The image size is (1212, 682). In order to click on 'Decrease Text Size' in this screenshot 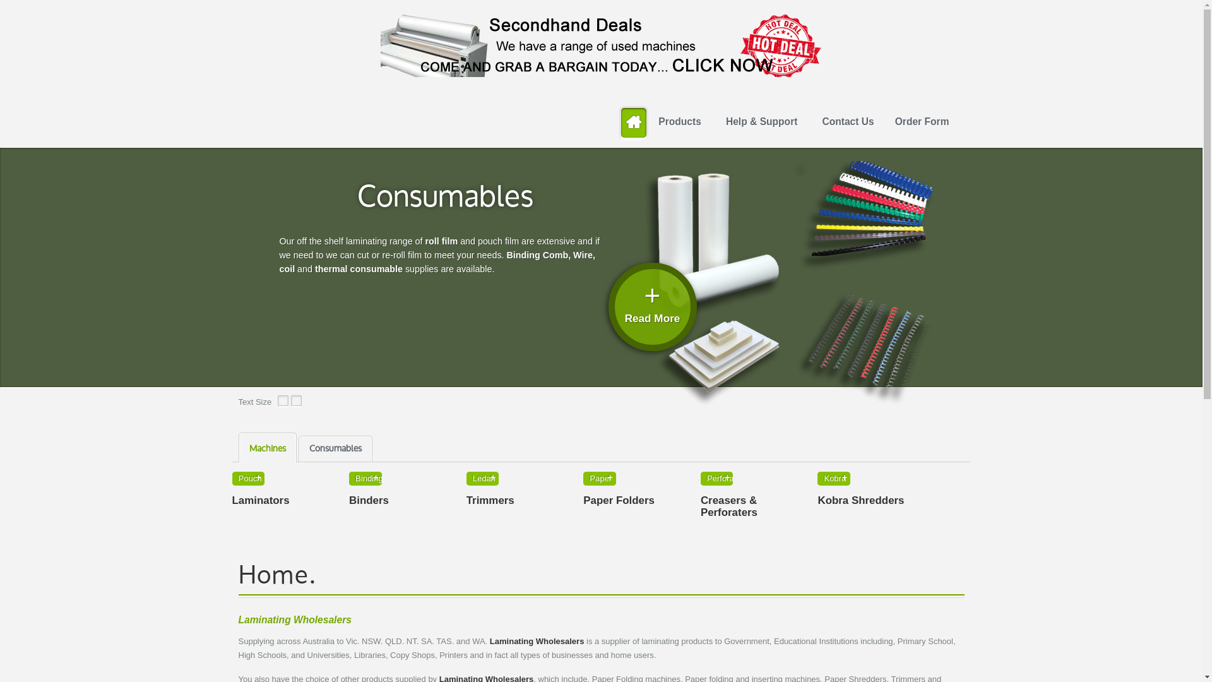, I will do `click(277, 404)`.